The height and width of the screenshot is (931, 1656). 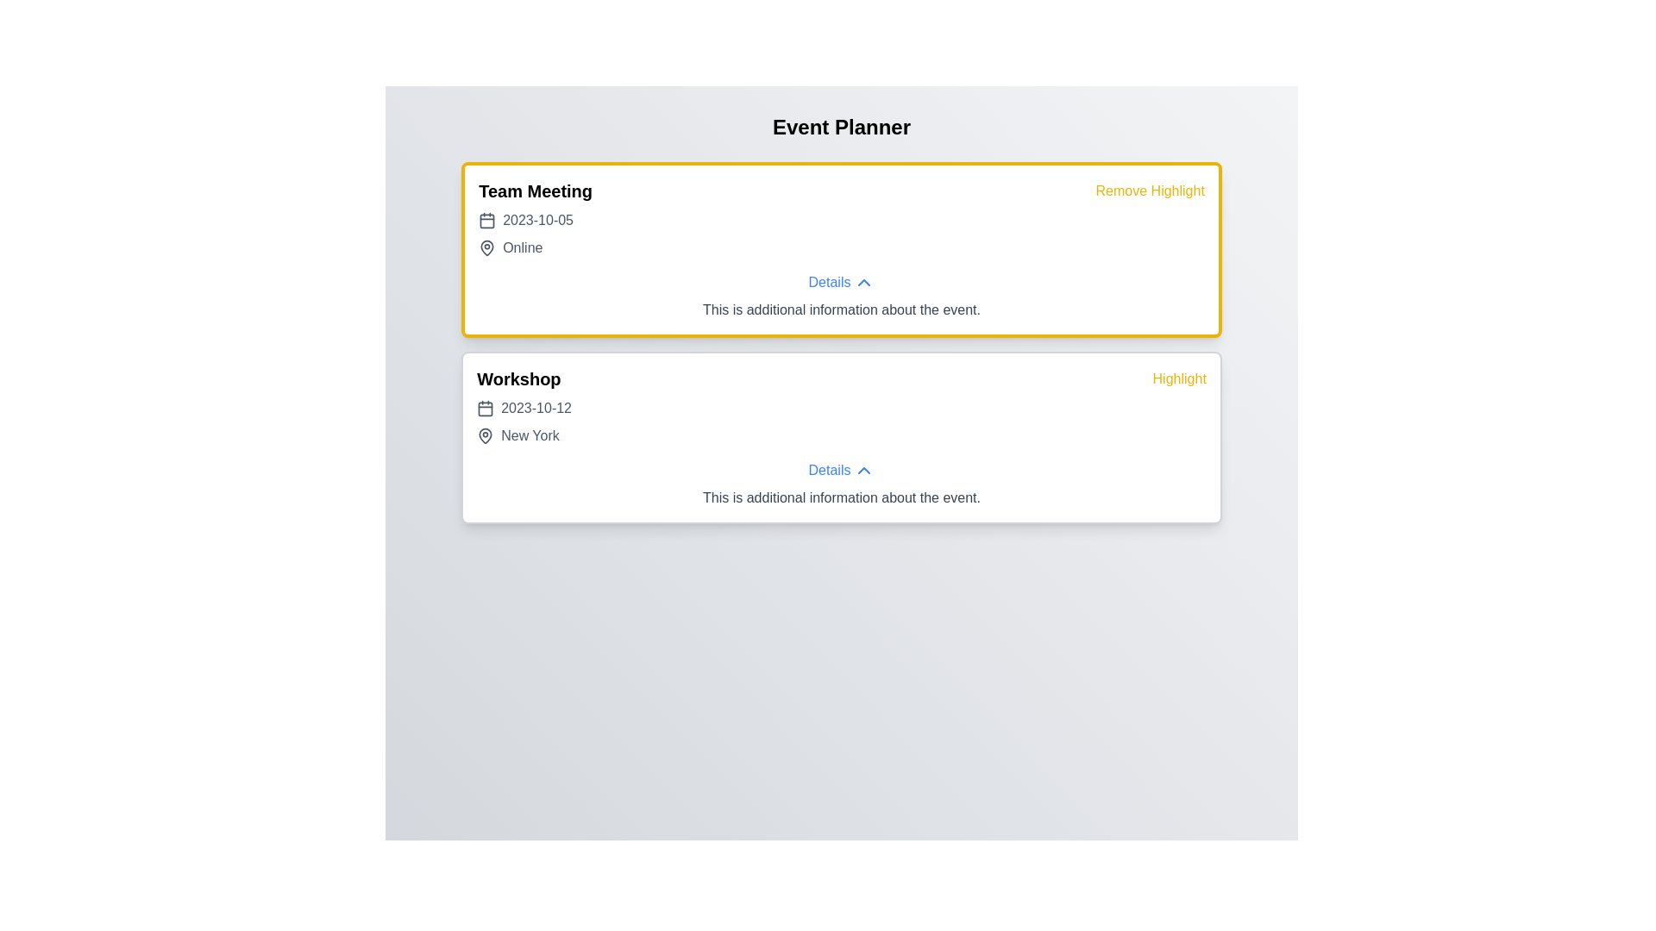 What do you see at coordinates (486, 220) in the screenshot?
I see `the decorative graphical background of the calendar icon, which is centrally located within the icon group next to the '2023-10-05' text label under the 'Team Meeting' title in the first event card` at bounding box center [486, 220].